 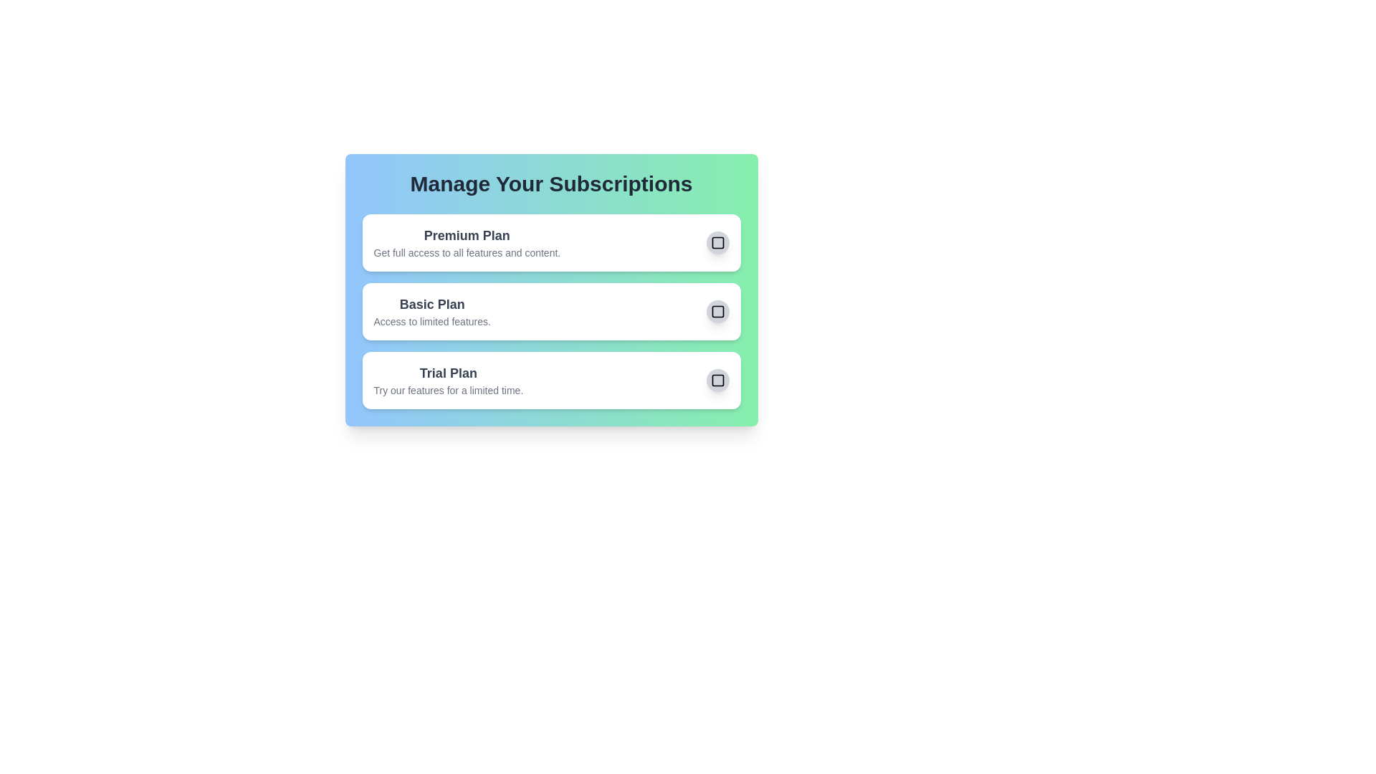 I want to click on the 'Trial Plan' card, which is the last card in the 'Manage Your Subscriptions' section, so click(x=550, y=380).